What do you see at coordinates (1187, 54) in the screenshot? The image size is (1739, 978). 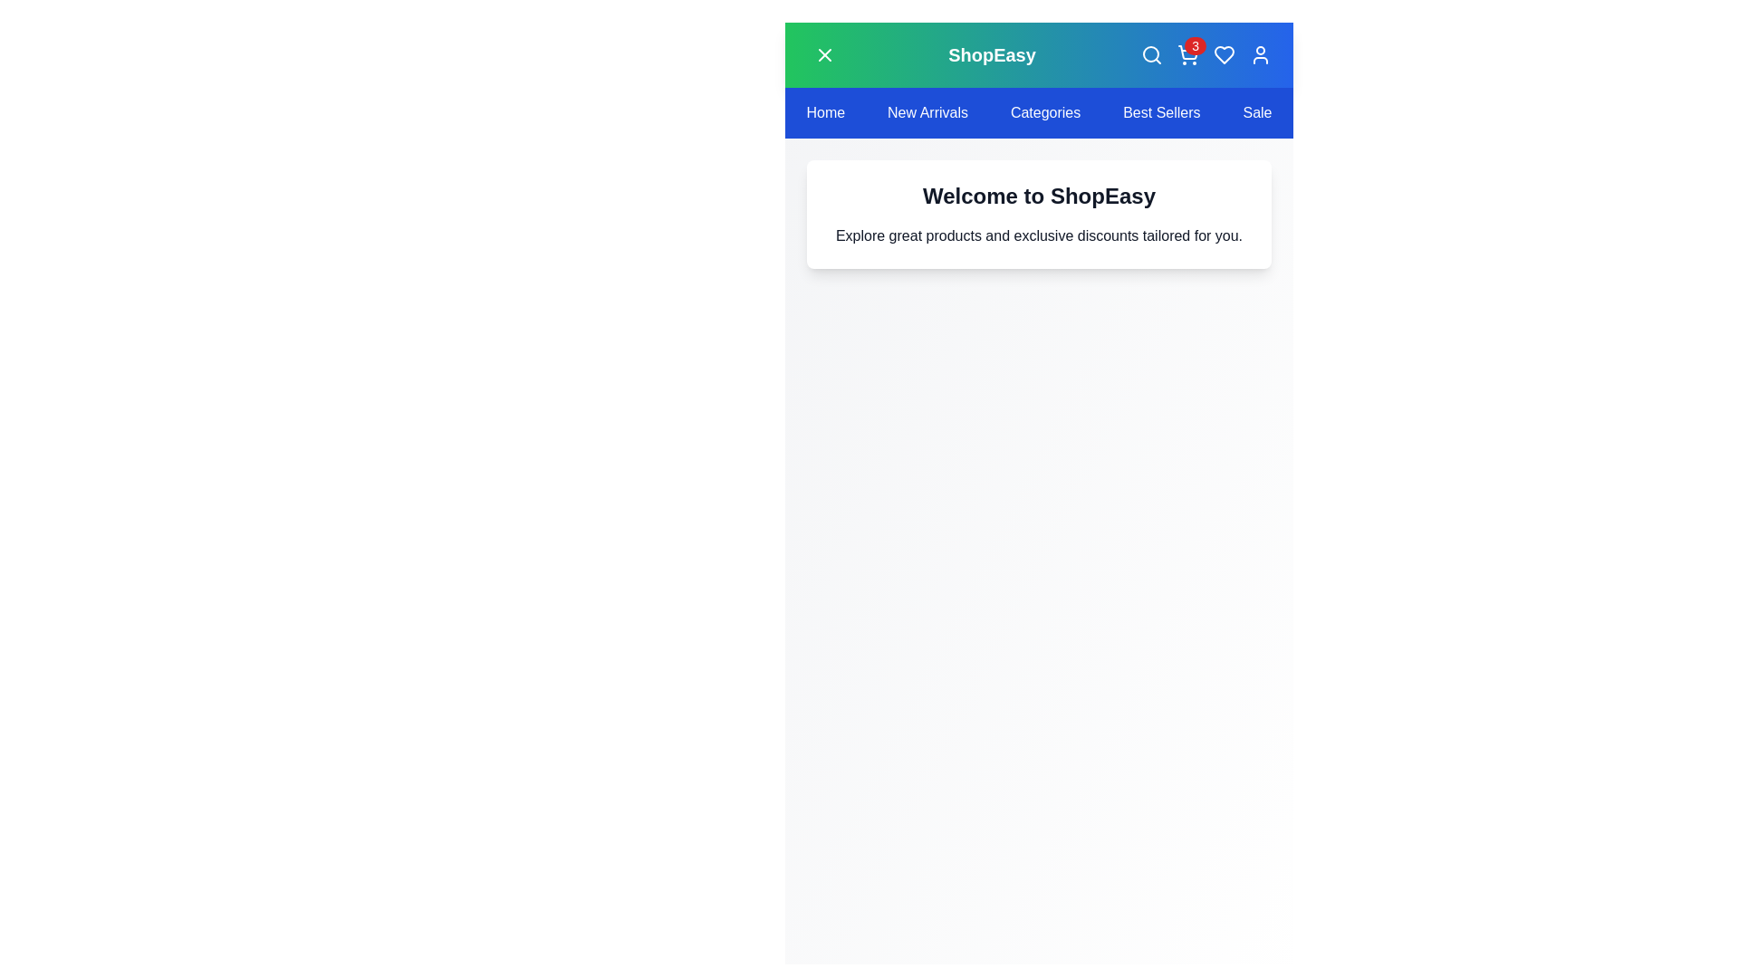 I see `the shopping_cart to perform its associated action` at bounding box center [1187, 54].